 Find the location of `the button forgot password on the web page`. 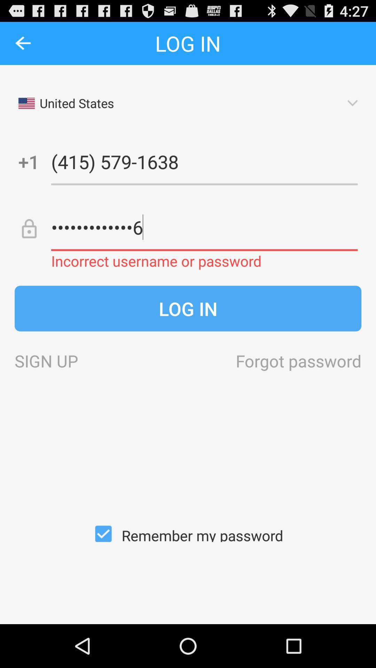

the button forgot password on the web page is located at coordinates (298, 361).